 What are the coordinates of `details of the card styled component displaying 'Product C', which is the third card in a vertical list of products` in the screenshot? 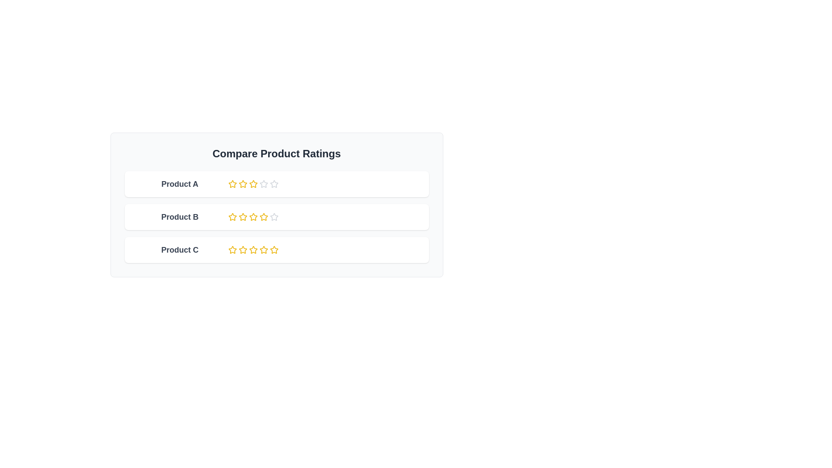 It's located at (276, 250).